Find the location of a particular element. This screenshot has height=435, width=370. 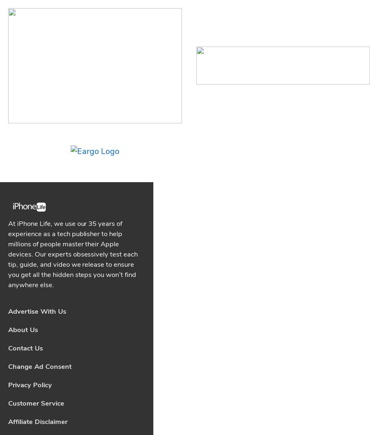

'Customer Service' is located at coordinates (36, 163).